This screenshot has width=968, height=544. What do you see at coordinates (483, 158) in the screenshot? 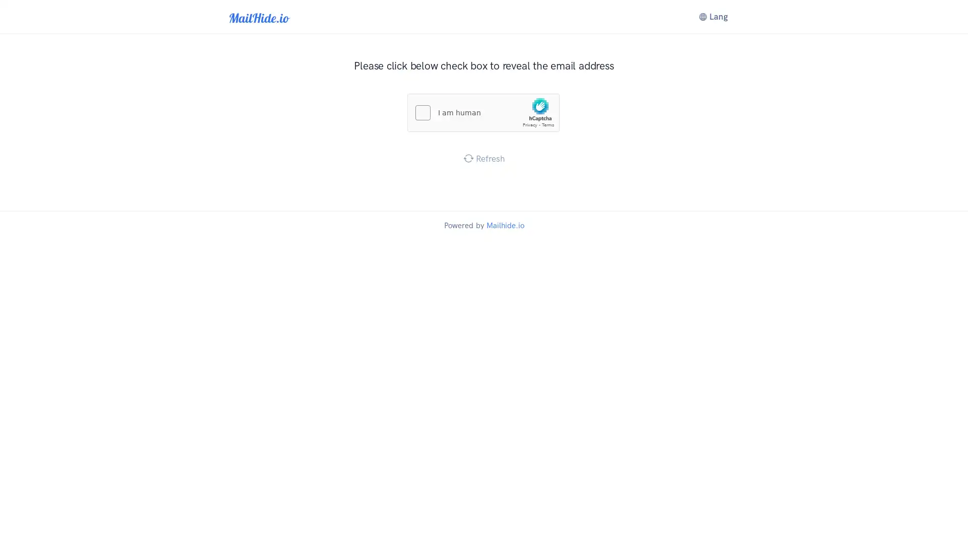
I see `Refresh` at bounding box center [483, 158].